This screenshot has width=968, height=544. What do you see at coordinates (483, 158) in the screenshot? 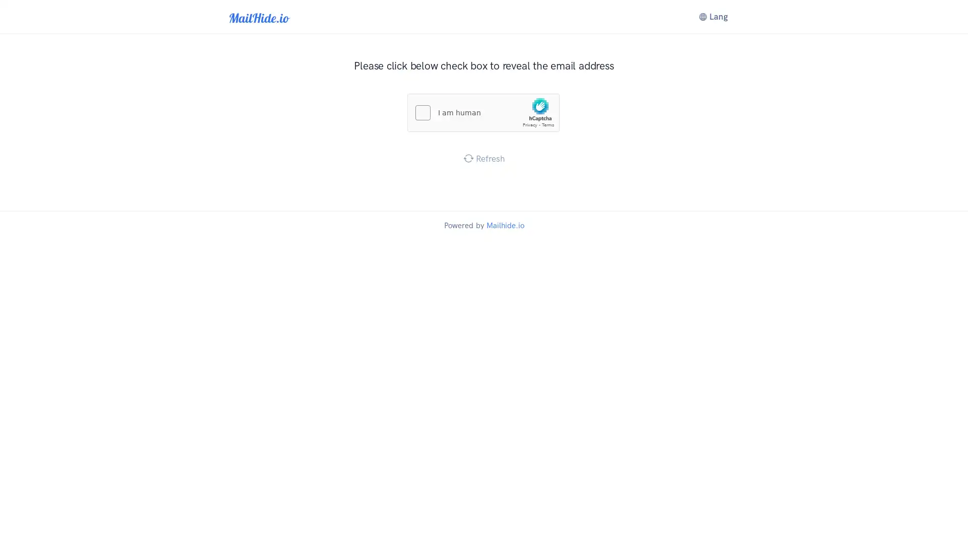
I see `Refresh` at bounding box center [483, 158].